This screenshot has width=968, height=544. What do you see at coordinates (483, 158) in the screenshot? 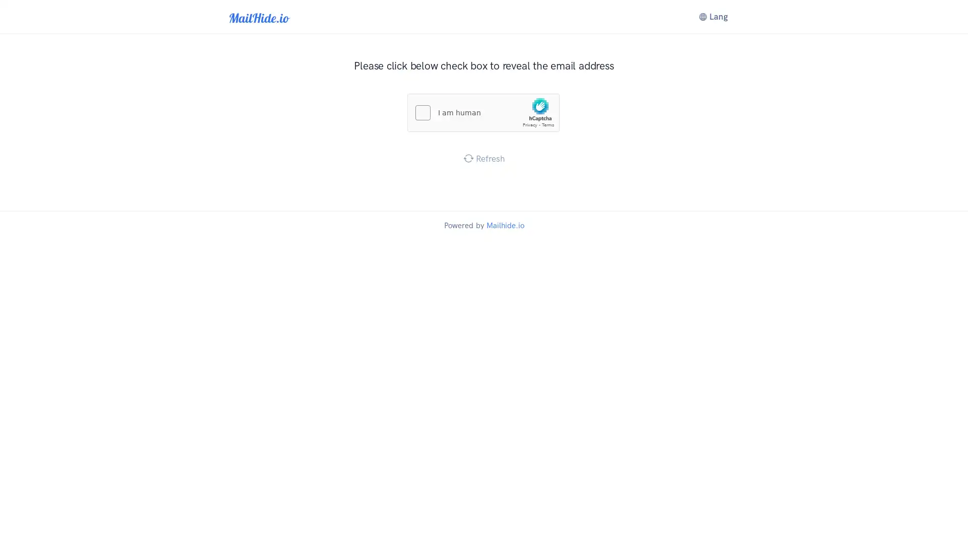
I see `Refresh` at bounding box center [483, 158].